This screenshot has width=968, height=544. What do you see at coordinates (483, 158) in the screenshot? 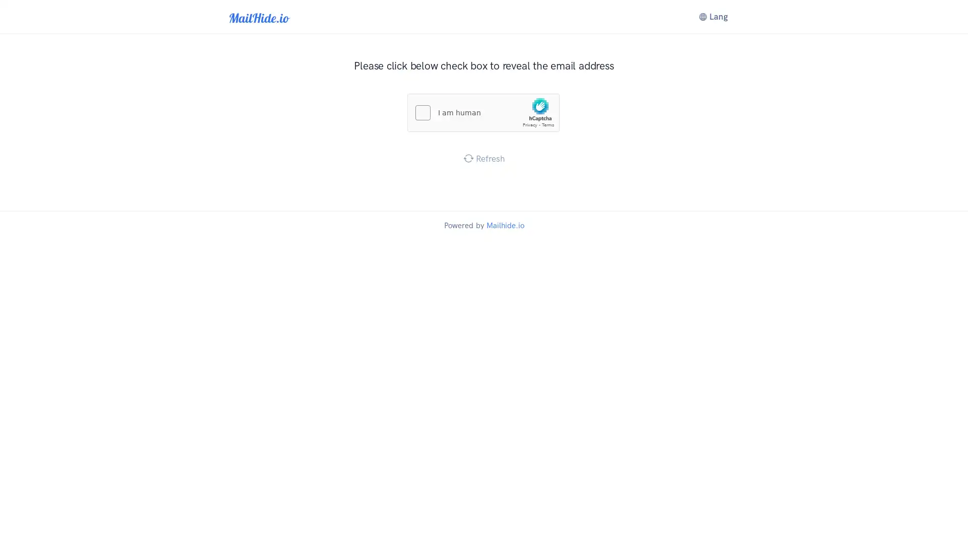
I see `Refresh` at bounding box center [483, 158].